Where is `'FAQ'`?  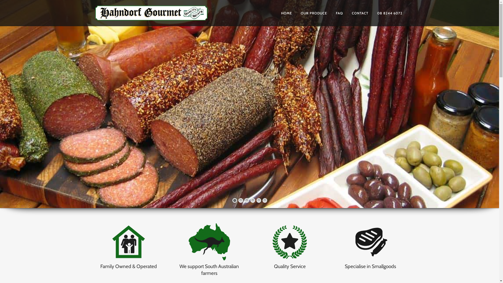 'FAQ' is located at coordinates (339, 13).